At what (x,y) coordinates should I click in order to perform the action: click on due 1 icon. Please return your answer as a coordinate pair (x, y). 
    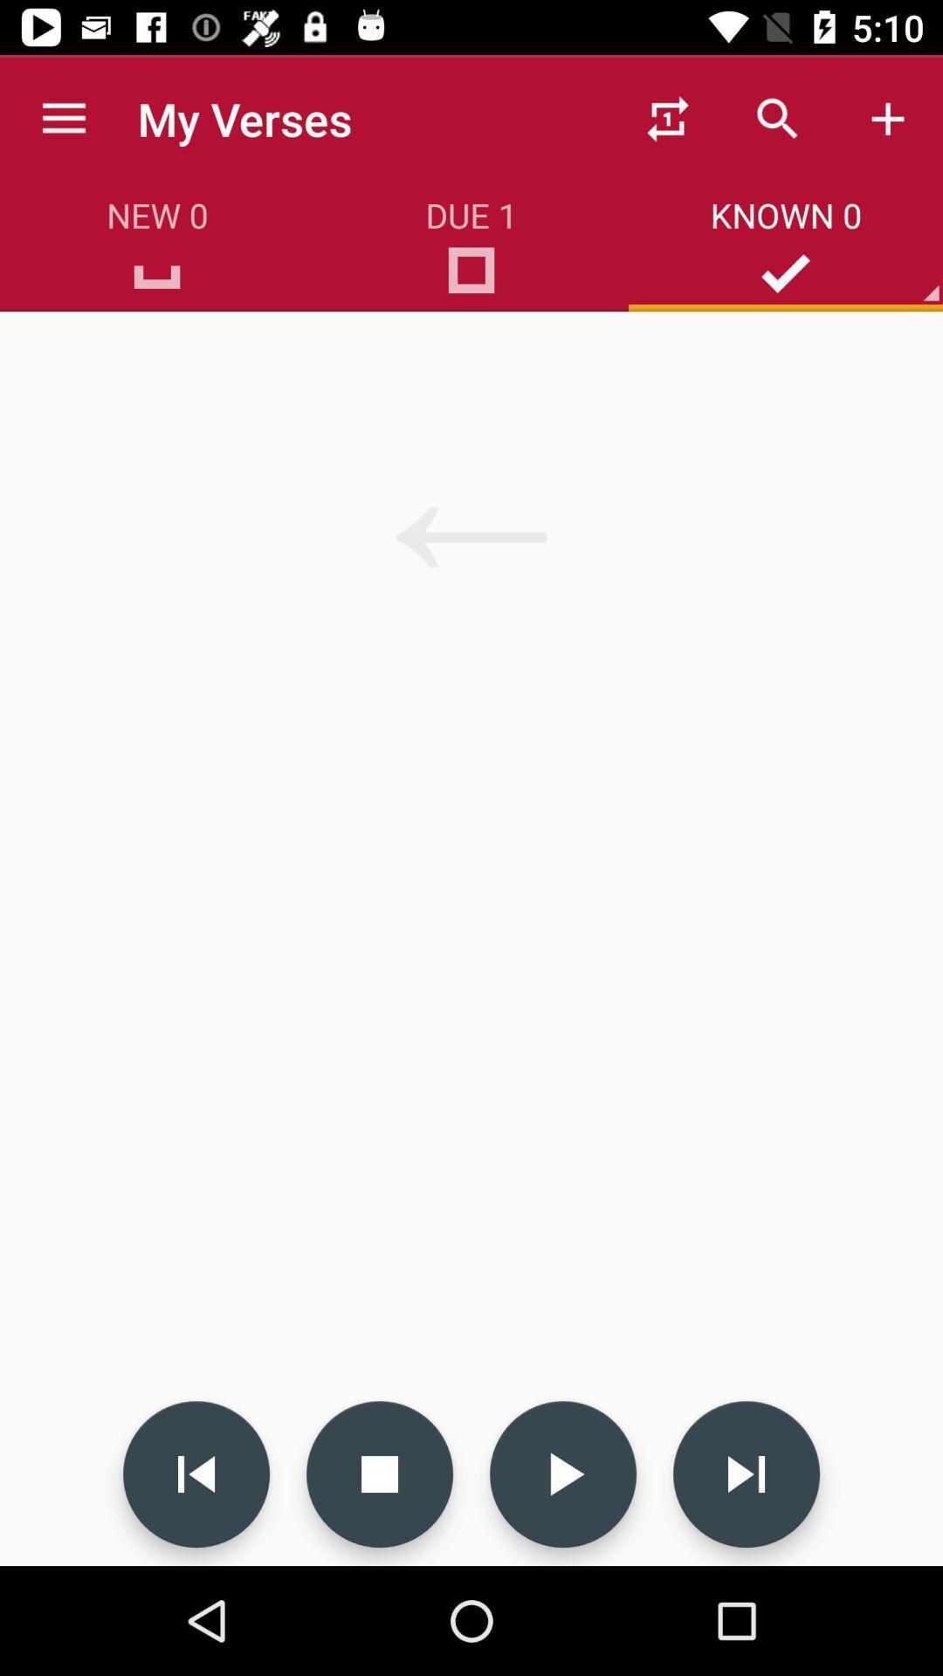
    Looking at the image, I should click on (471, 276).